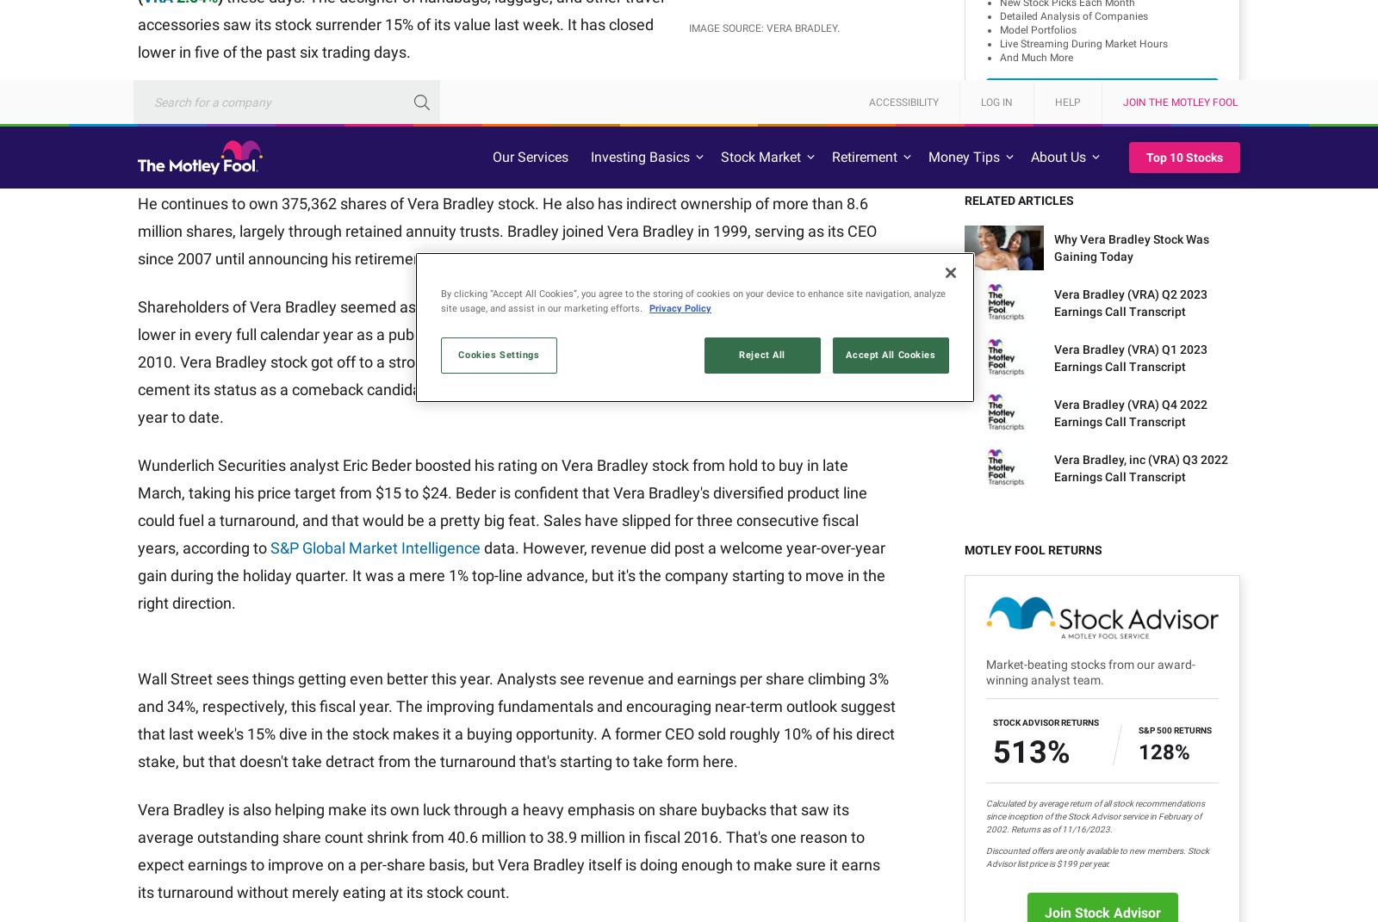 The width and height of the screenshot is (1378, 922). Describe the element at coordinates (454, 663) in the screenshot. I see `'Newsroom'` at that location.